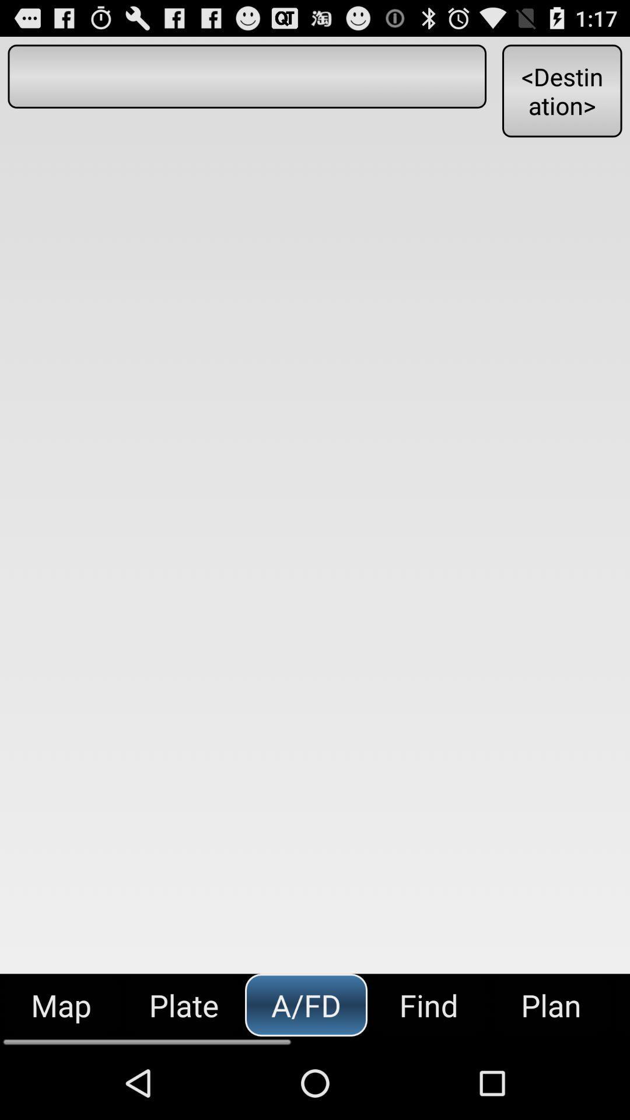 This screenshot has height=1120, width=630. What do you see at coordinates (561, 90) in the screenshot?
I see `<destination>` at bounding box center [561, 90].